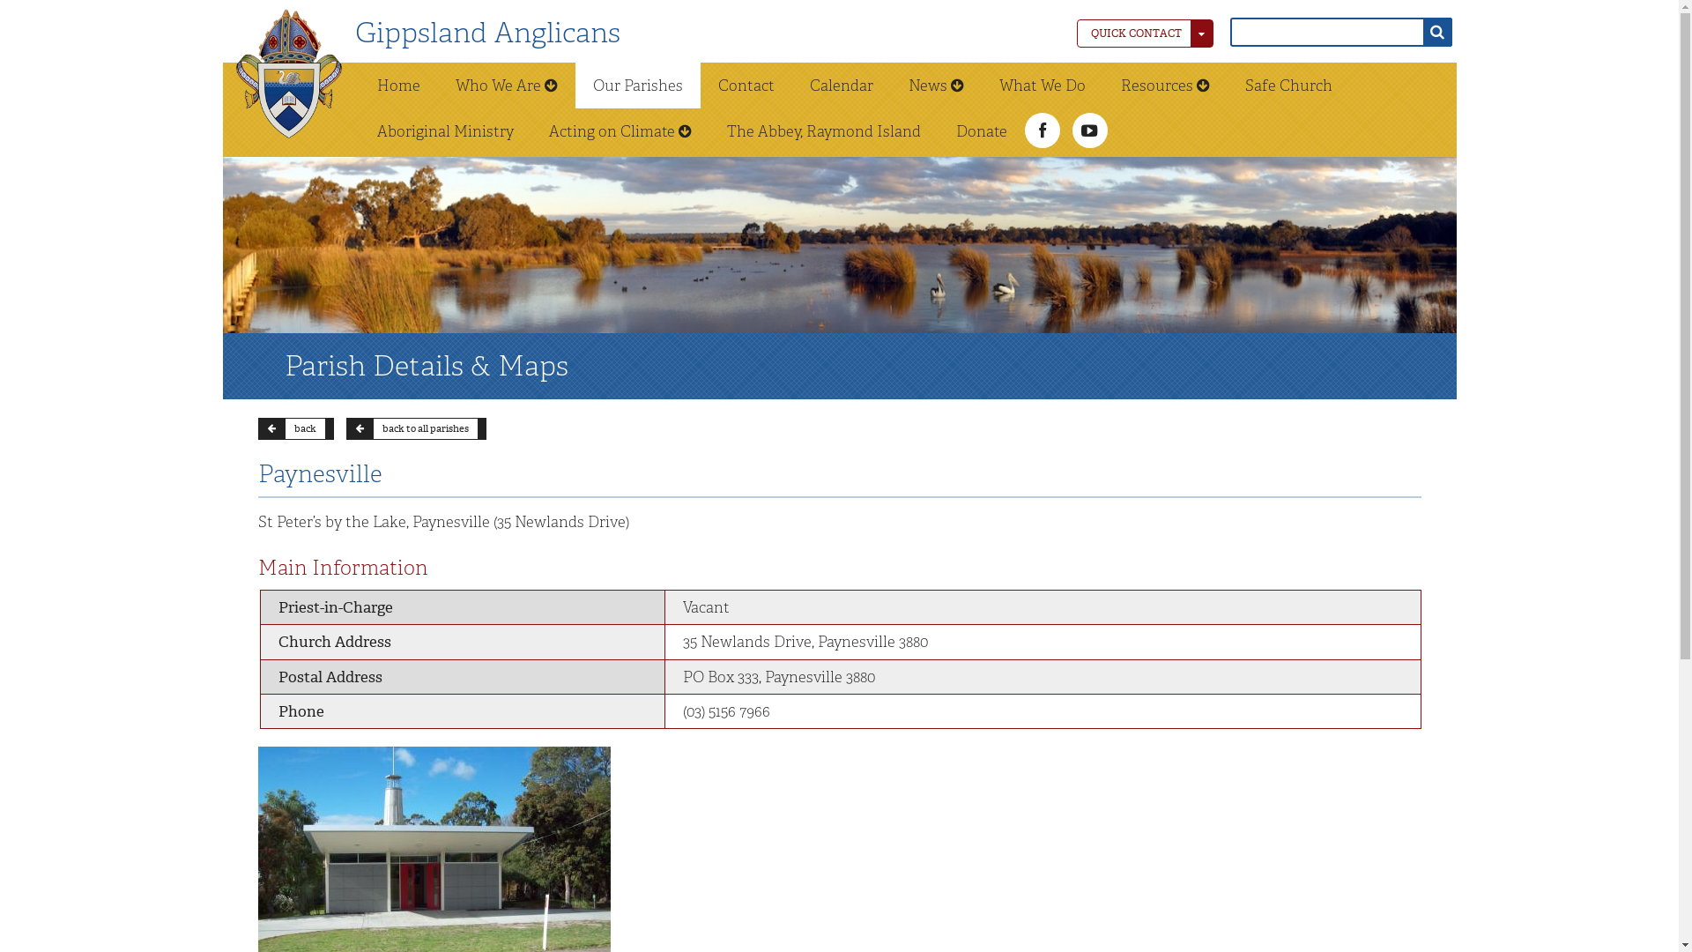 This screenshot has width=1692, height=952. I want to click on 'What We Do', so click(1042, 85).